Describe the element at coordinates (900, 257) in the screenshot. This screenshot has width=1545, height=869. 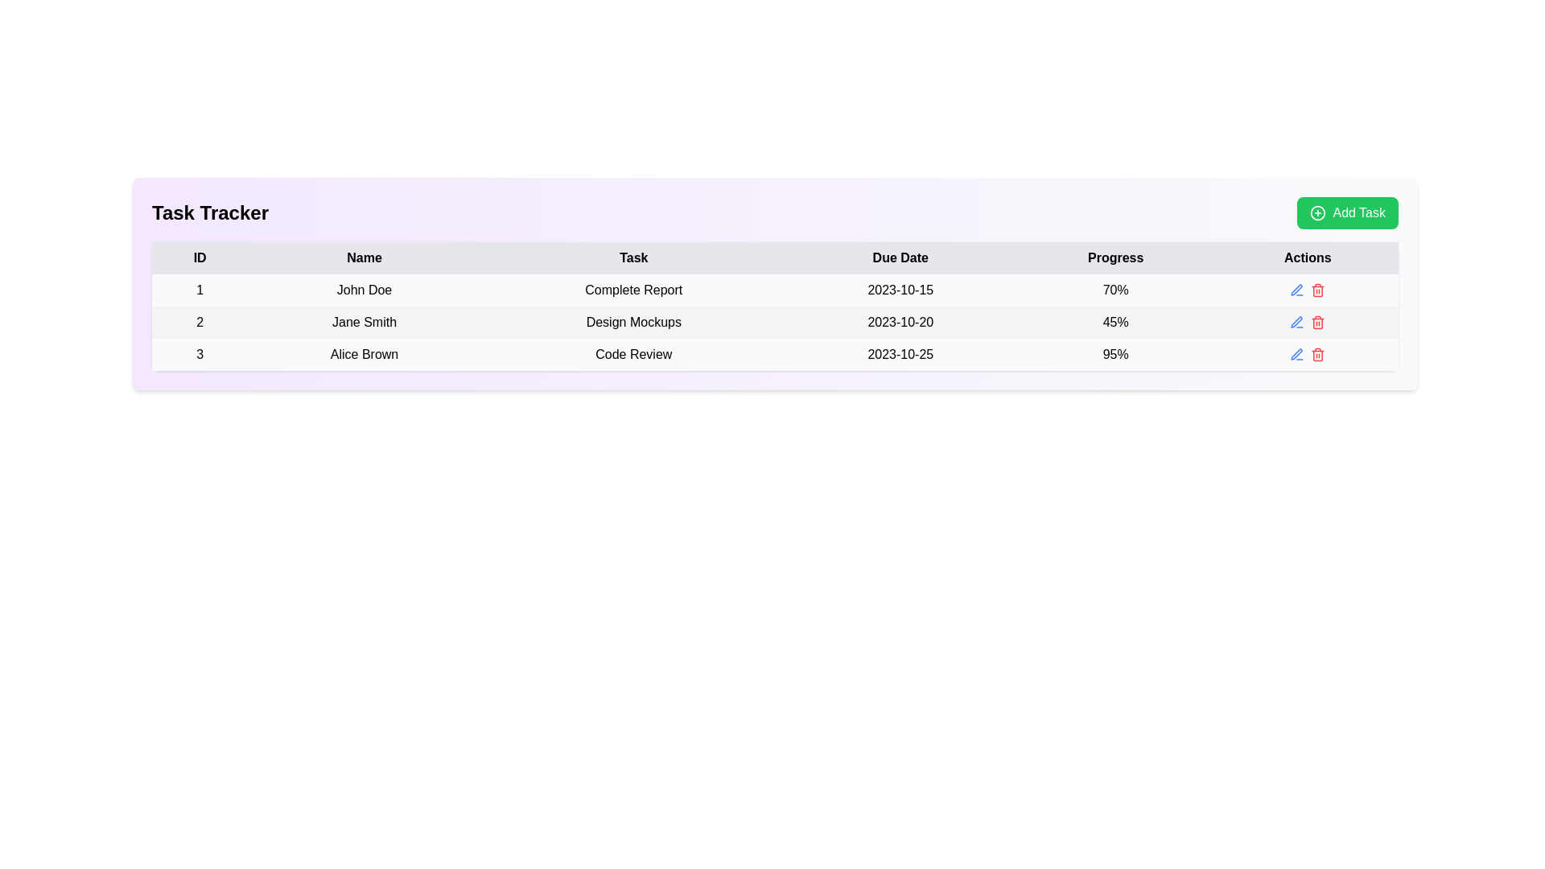
I see `the text label that serves as the fourth column header in the table, indicating due dates, located between 'Task' and 'Progress'` at that location.